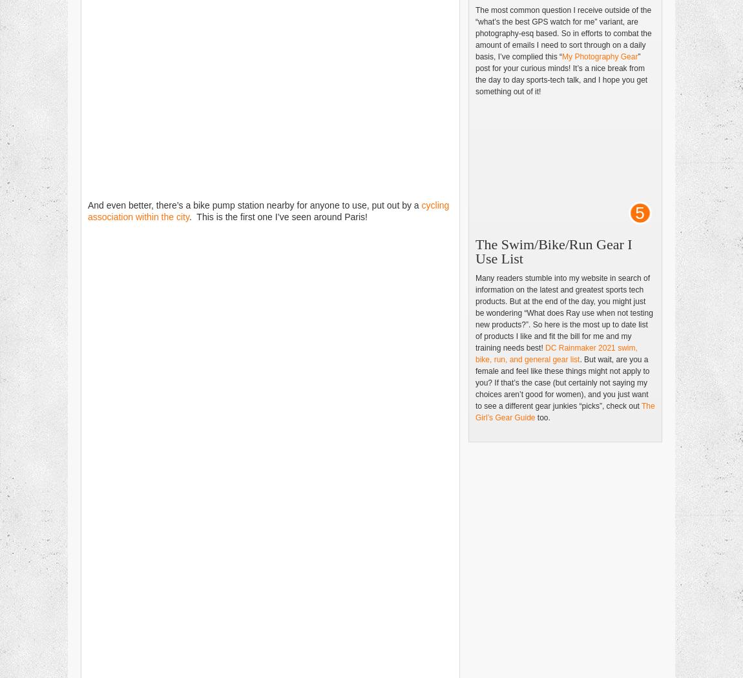 Image resolution: width=743 pixels, height=678 pixels. What do you see at coordinates (556, 353) in the screenshot?
I see `'DC Rainmaker 2021 swim, bike, run, and general gear list'` at bounding box center [556, 353].